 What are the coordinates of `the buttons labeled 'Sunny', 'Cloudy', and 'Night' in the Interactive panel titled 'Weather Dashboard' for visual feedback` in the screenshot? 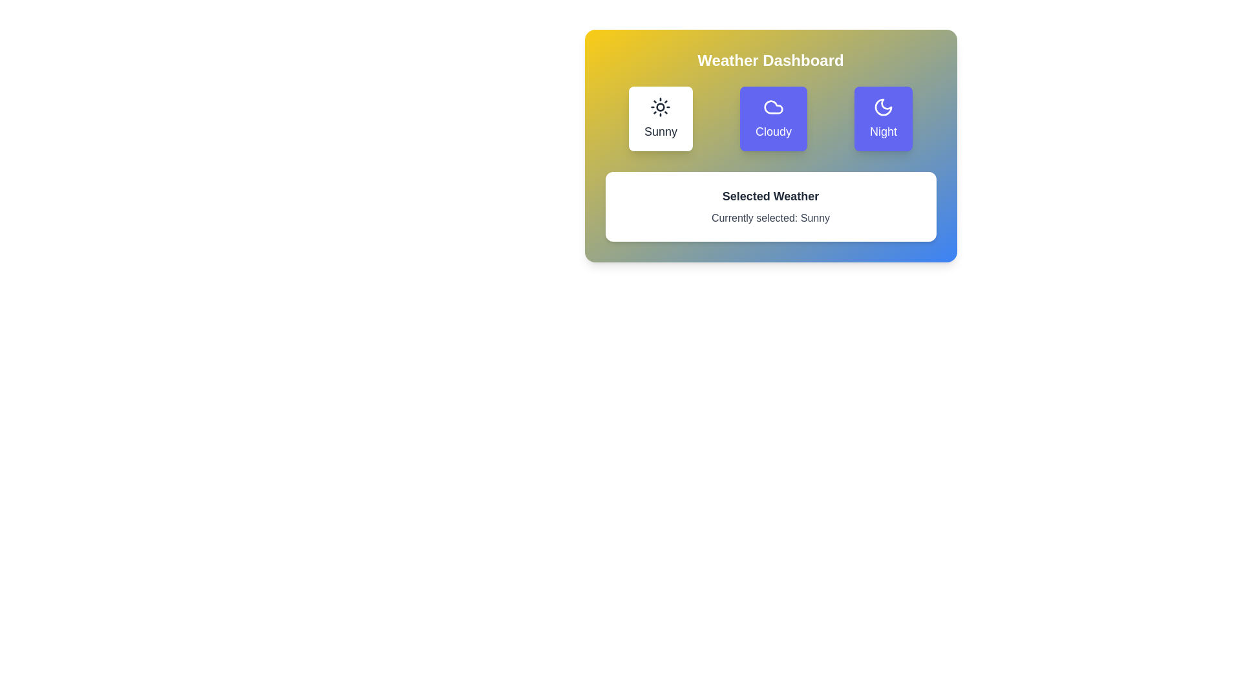 It's located at (770, 145).